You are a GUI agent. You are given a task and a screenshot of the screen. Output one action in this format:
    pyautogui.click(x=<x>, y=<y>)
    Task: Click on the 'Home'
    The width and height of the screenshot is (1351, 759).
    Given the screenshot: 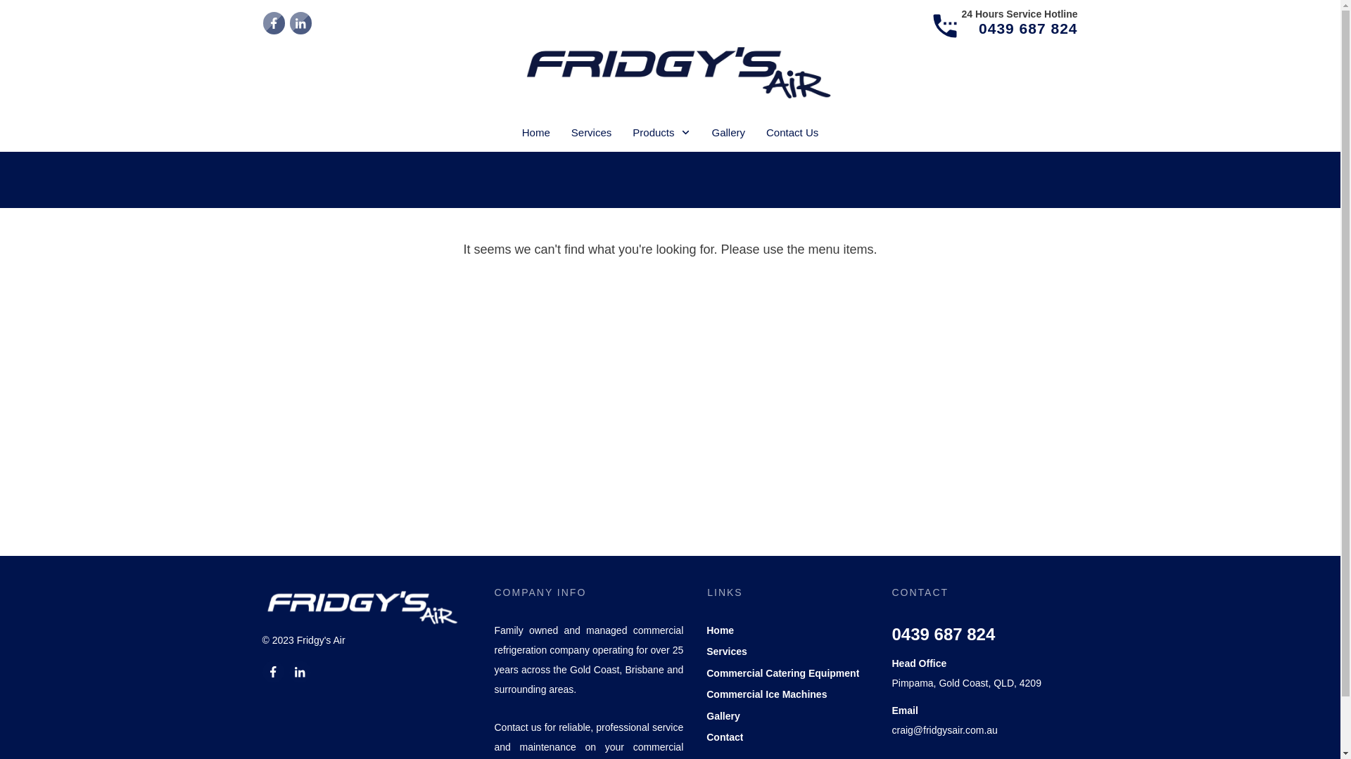 What is the action you would take?
    pyautogui.click(x=720, y=630)
    